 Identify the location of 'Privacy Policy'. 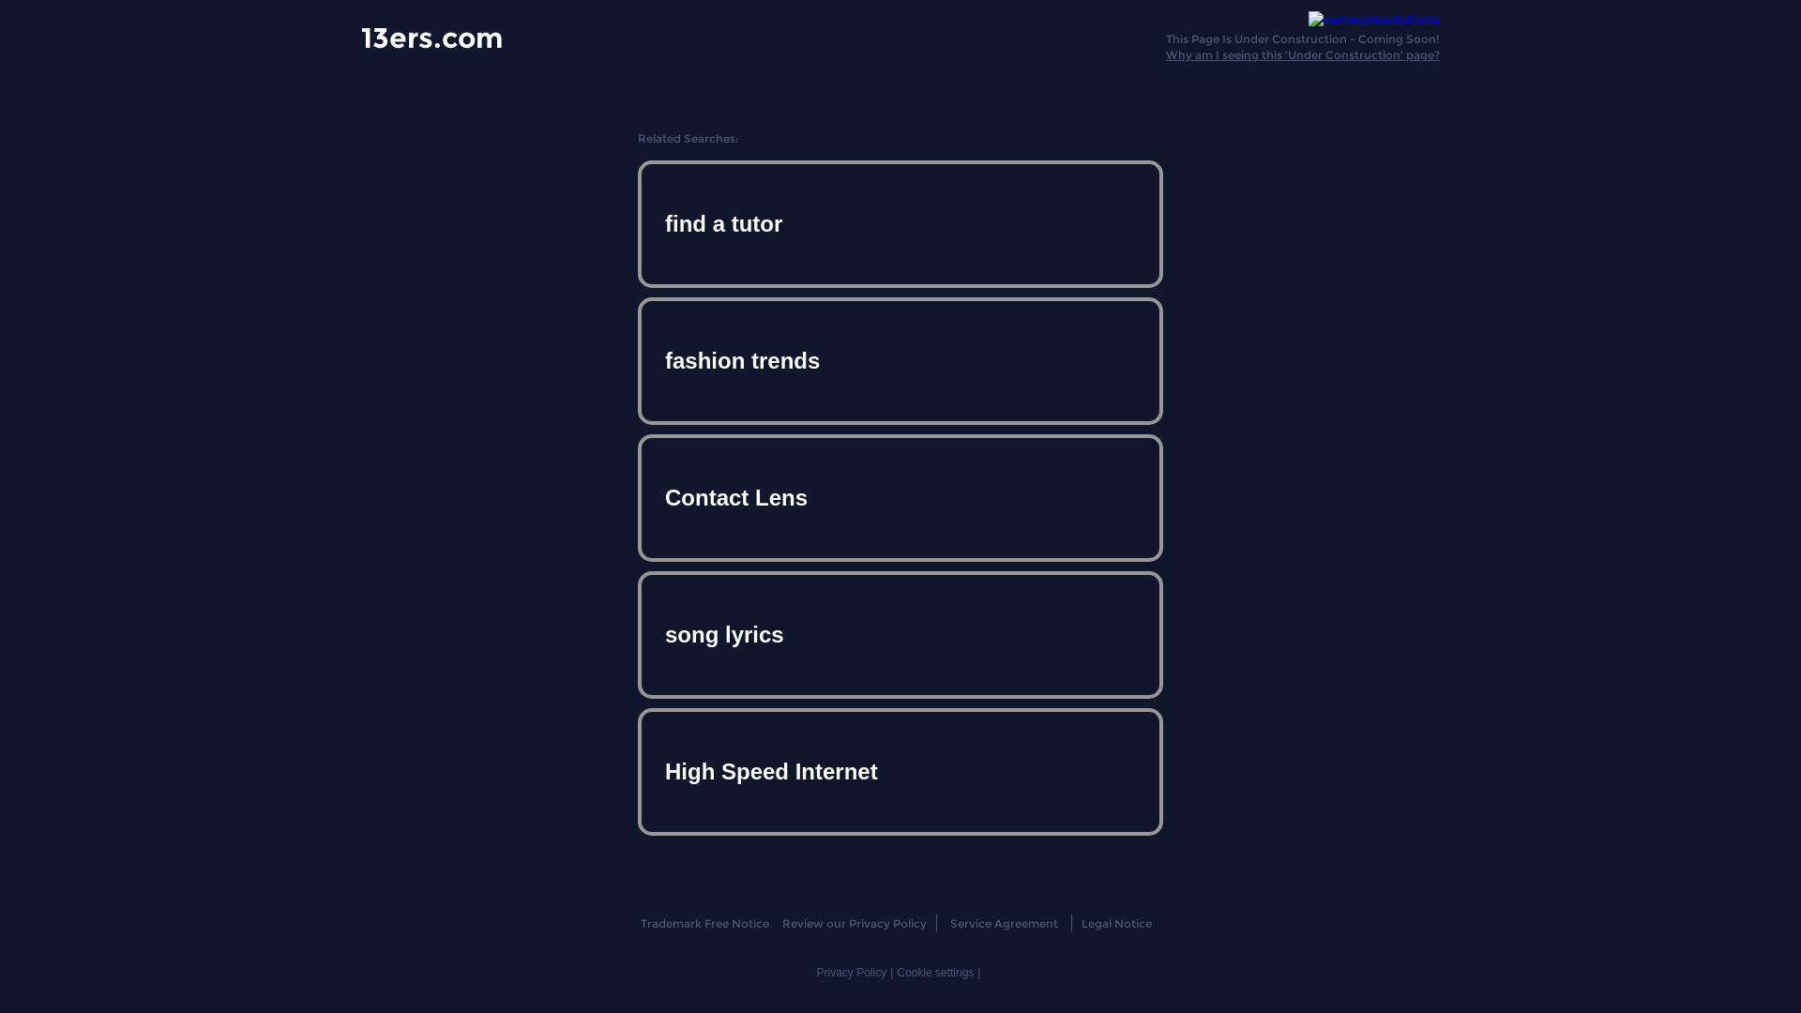
(850, 972).